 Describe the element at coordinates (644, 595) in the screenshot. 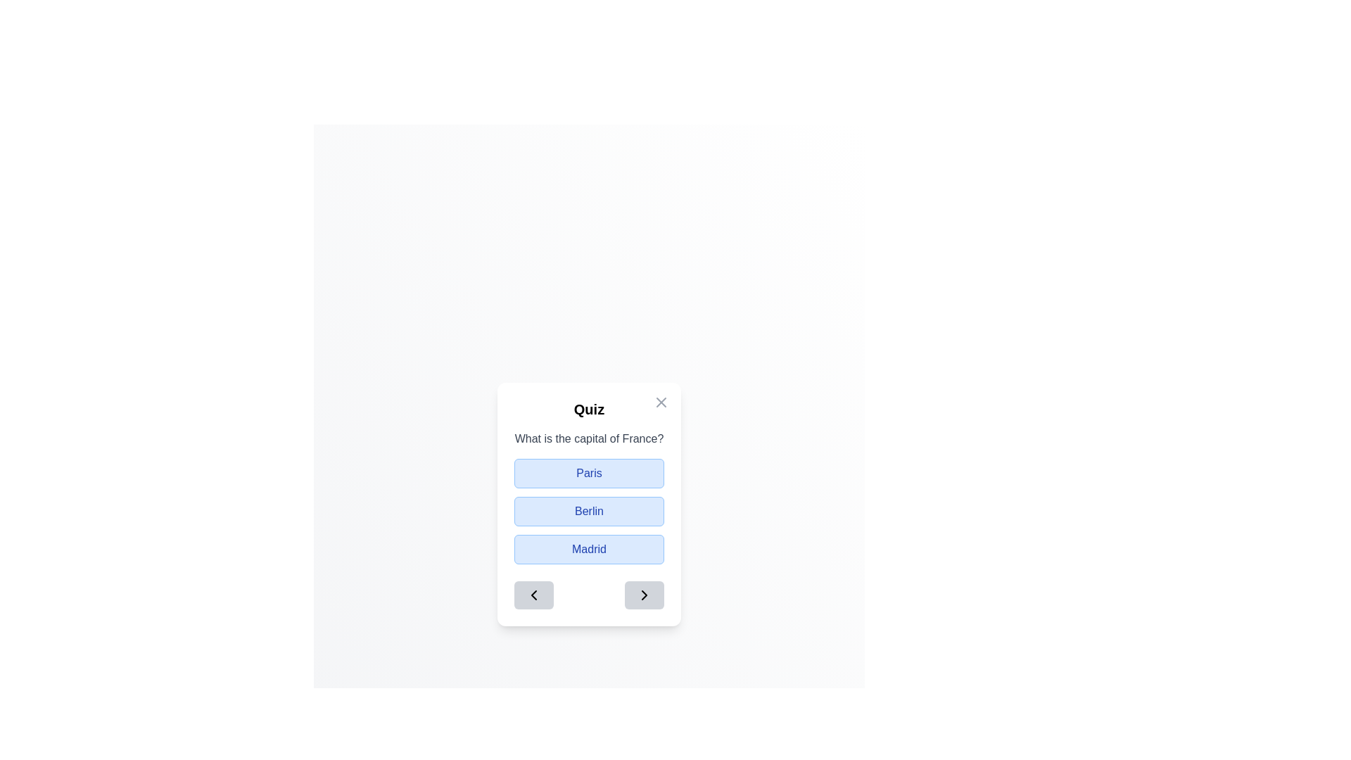

I see `the second button in the footer section of the modal` at that location.